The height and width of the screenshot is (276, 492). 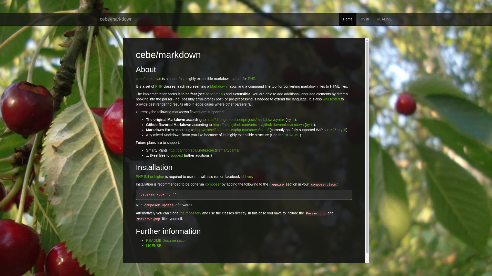 What do you see at coordinates (153, 245) in the screenshot?
I see `'LICENSE'` at bounding box center [153, 245].